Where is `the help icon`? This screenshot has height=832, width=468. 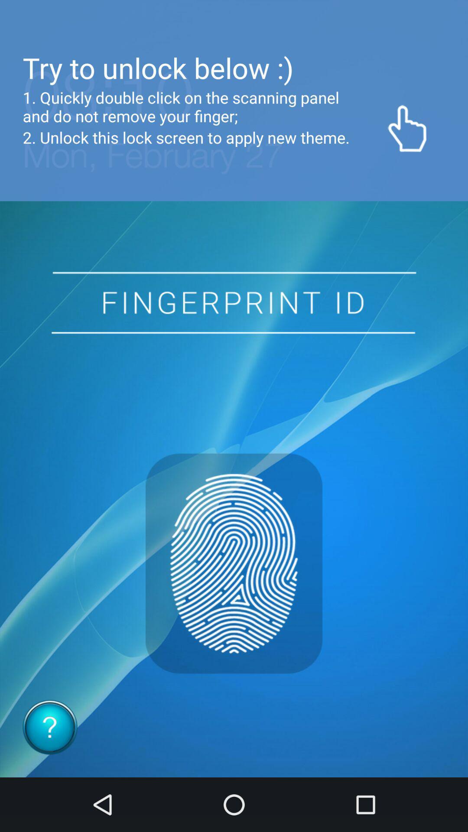 the help icon is located at coordinates (50, 727).